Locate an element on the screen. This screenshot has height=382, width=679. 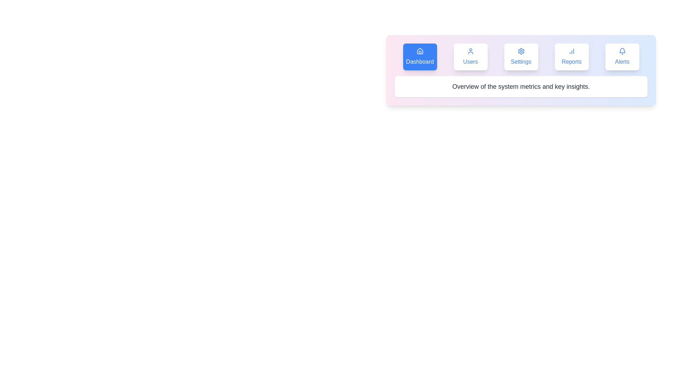
the Informational text box displaying 'Overview of the system metrics and key insights.' is located at coordinates (521, 86).